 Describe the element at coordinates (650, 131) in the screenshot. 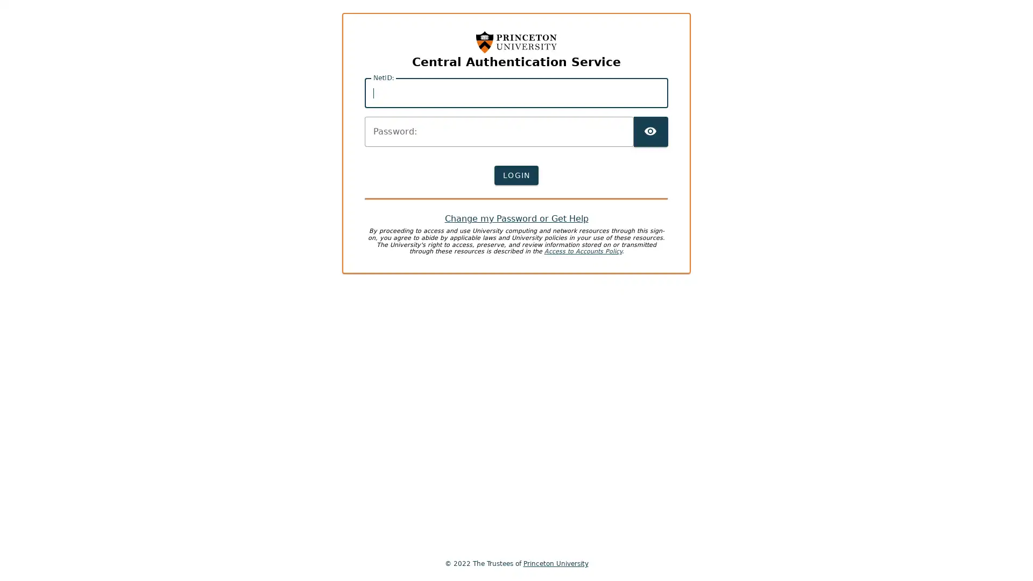

I see `TOGGLE PASSWORD` at that location.